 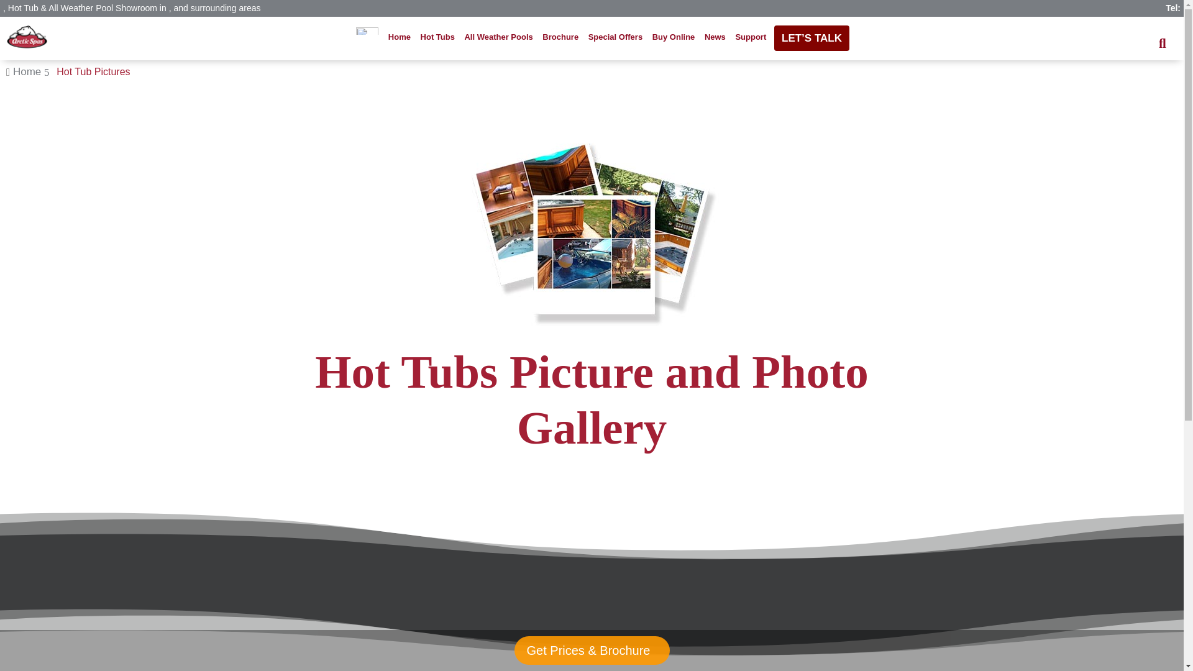 I want to click on 'Get Prices & Brochure', so click(x=590, y=649).